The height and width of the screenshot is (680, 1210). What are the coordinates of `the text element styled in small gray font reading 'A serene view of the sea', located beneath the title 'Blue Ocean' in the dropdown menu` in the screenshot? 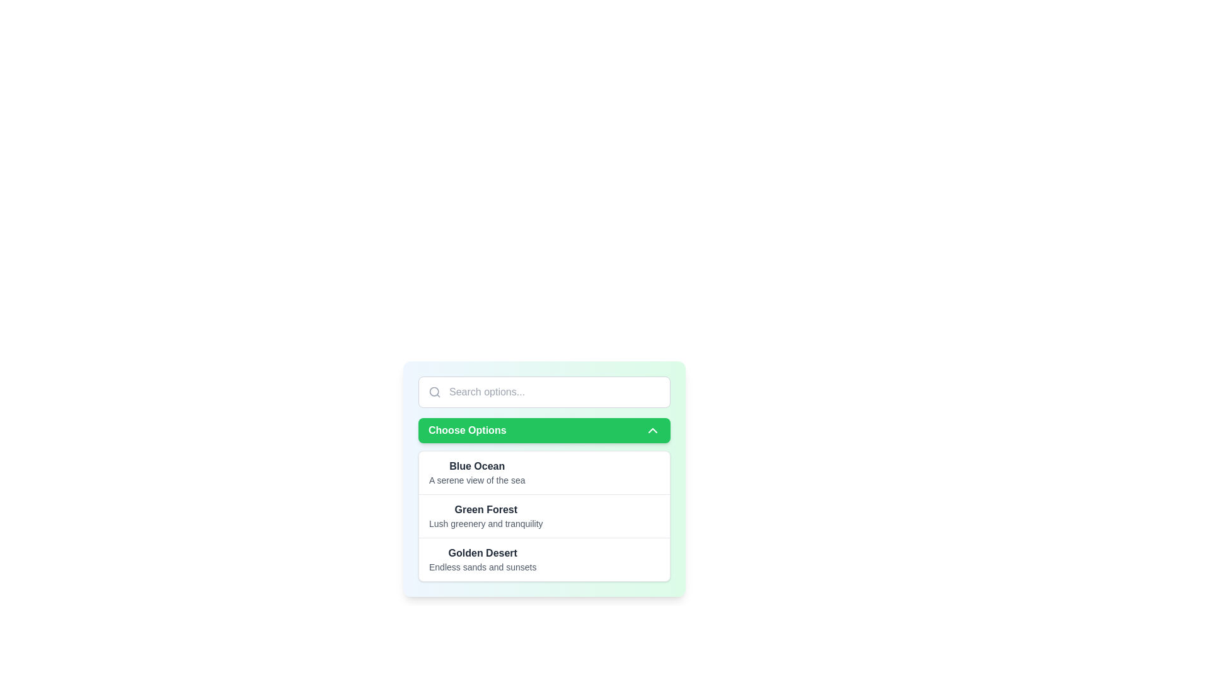 It's located at (476, 480).